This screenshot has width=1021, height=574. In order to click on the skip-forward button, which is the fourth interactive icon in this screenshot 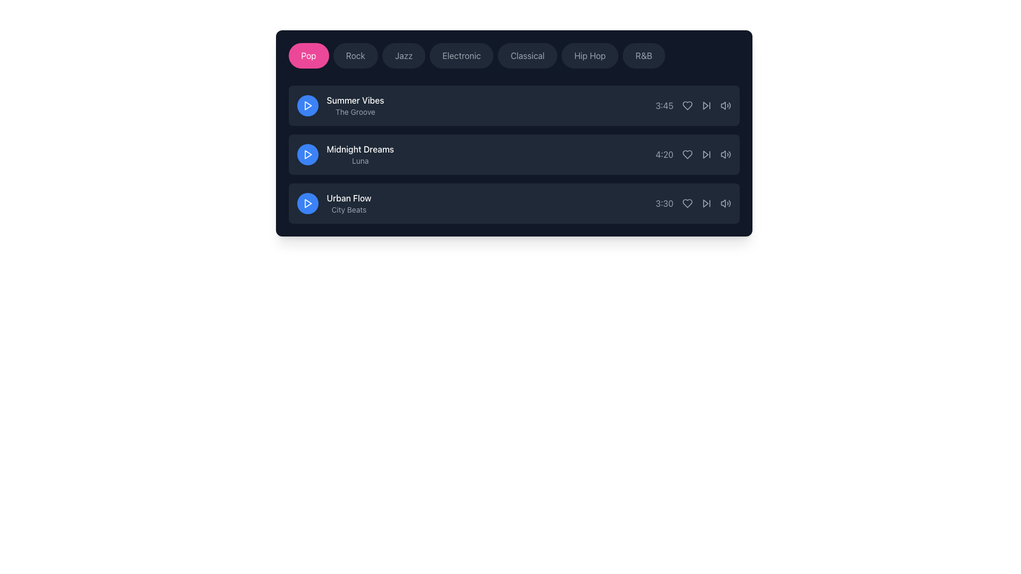, I will do `click(706, 203)`.